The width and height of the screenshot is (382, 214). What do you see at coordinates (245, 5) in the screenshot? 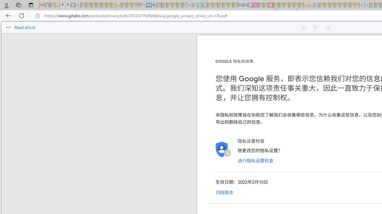
I see `'Cheap Hotels - Save70.com - Sleeping'` at bounding box center [245, 5].